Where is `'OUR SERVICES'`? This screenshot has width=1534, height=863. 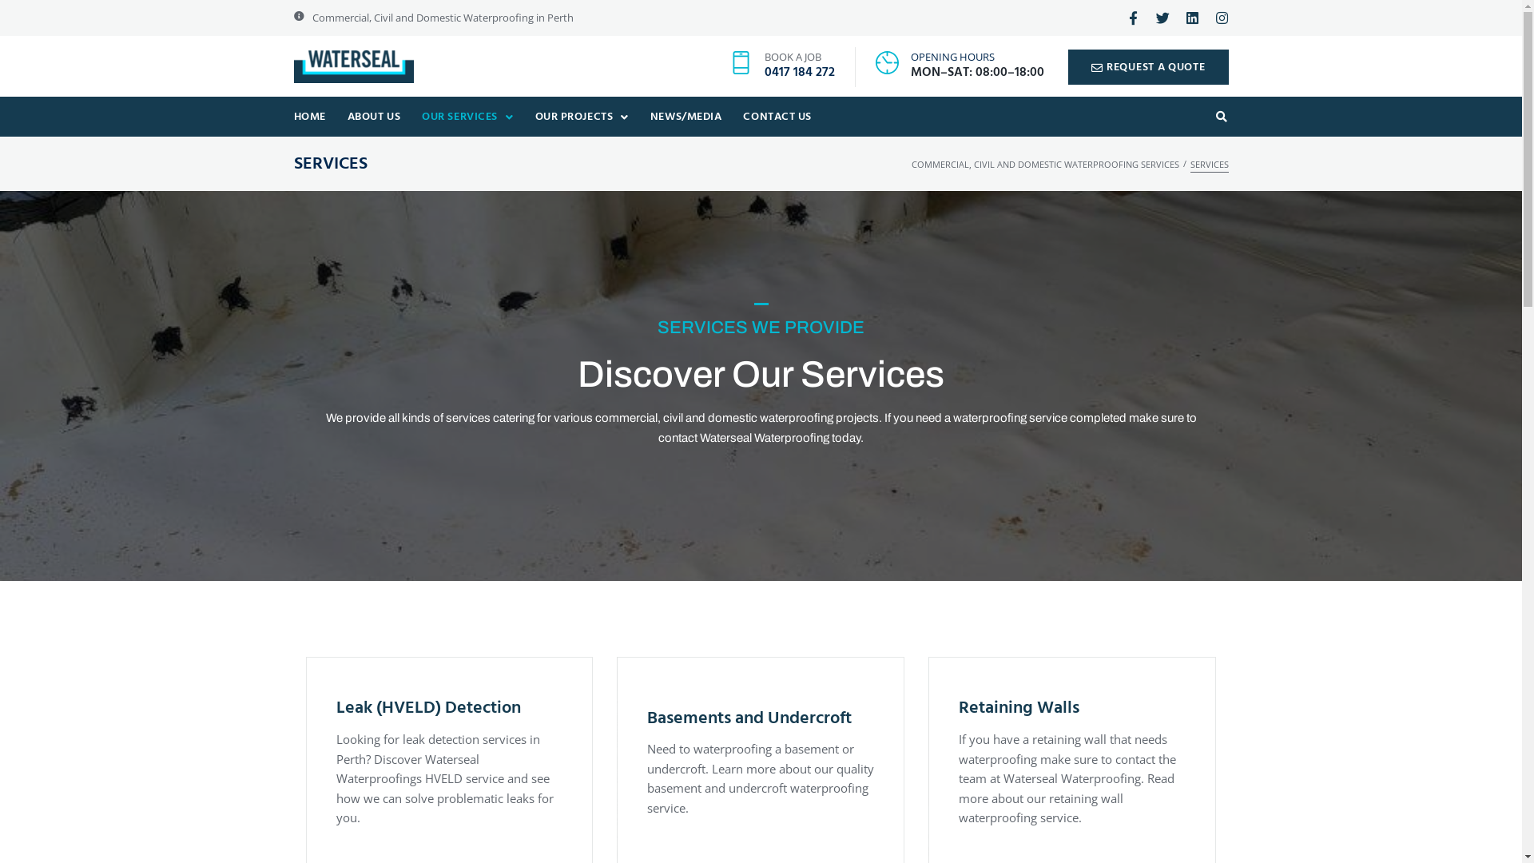
'OUR SERVICES' is located at coordinates (410, 116).